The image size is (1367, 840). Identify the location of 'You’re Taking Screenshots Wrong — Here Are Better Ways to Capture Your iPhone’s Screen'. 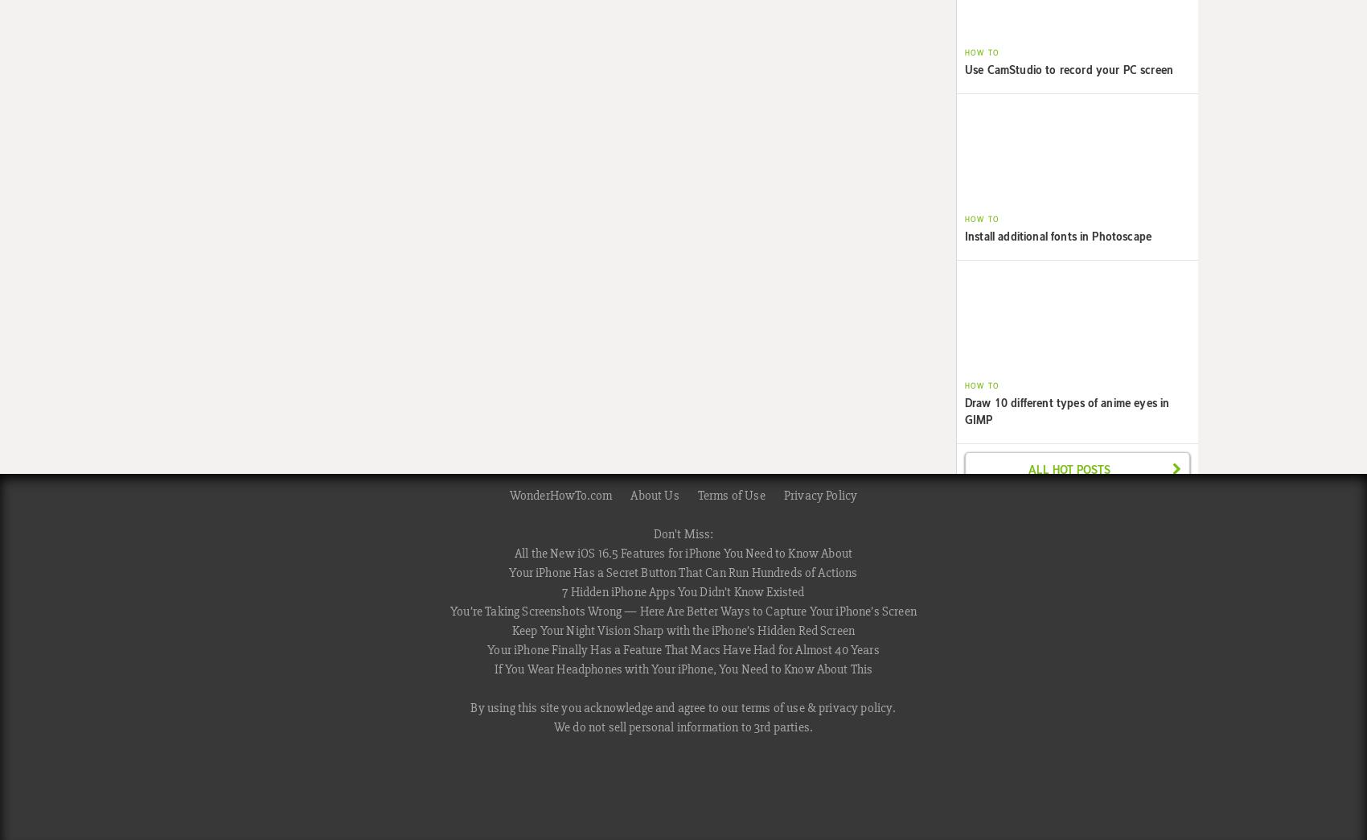
(682, 611).